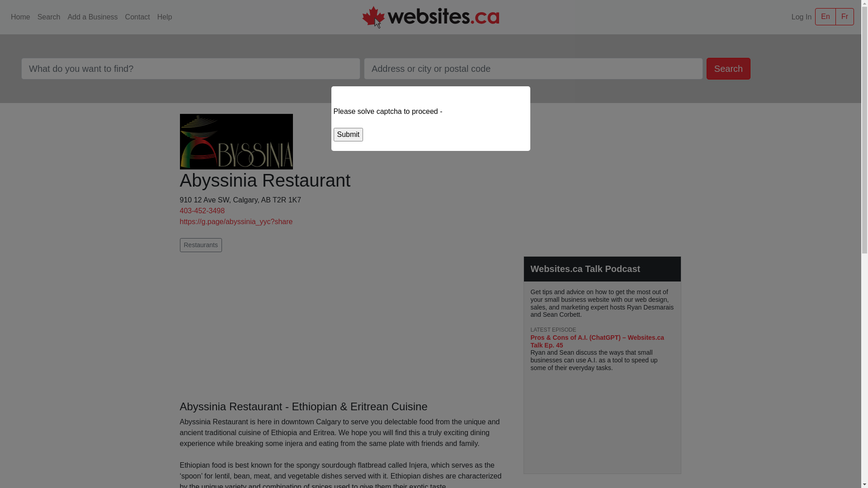 Image resolution: width=868 pixels, height=488 pixels. I want to click on 'Websites.ca Talk Podcast', so click(585, 268).